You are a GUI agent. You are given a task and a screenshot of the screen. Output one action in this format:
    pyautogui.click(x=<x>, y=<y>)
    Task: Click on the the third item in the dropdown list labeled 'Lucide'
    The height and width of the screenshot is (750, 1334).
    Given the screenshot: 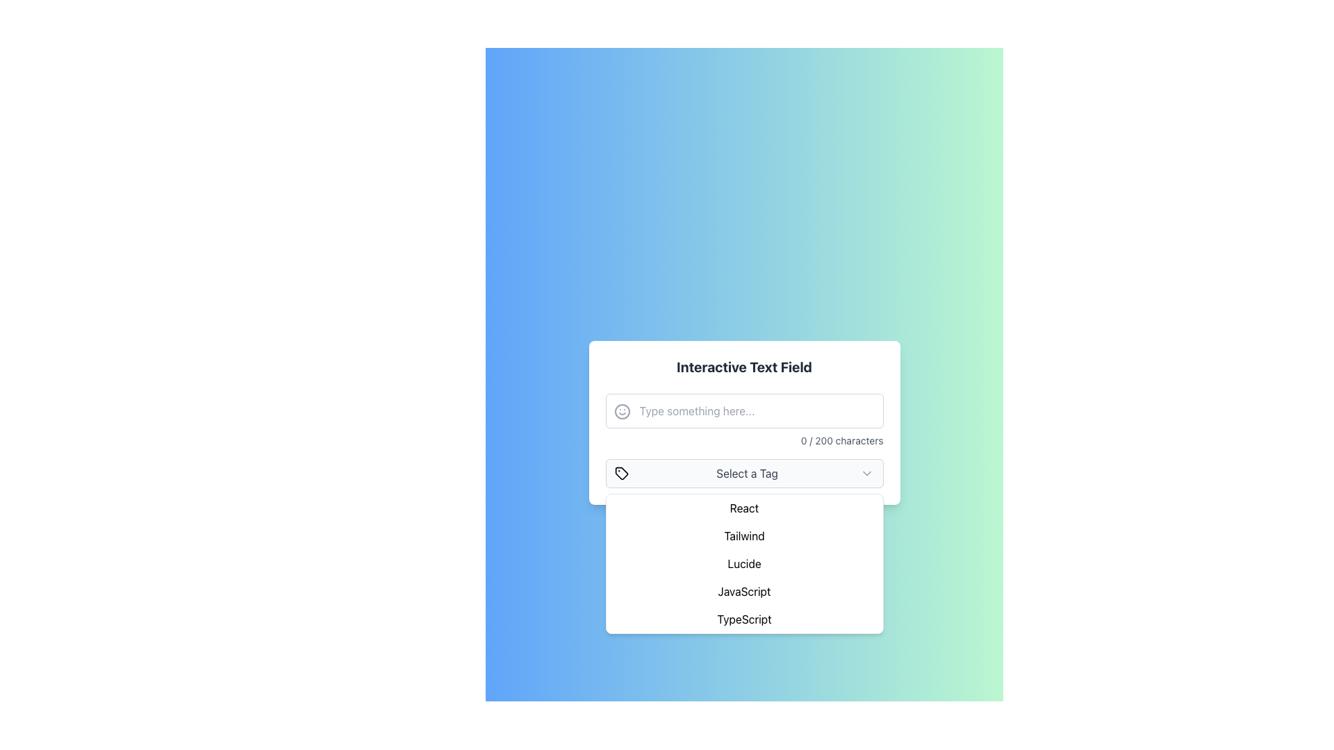 What is the action you would take?
    pyautogui.click(x=743, y=564)
    